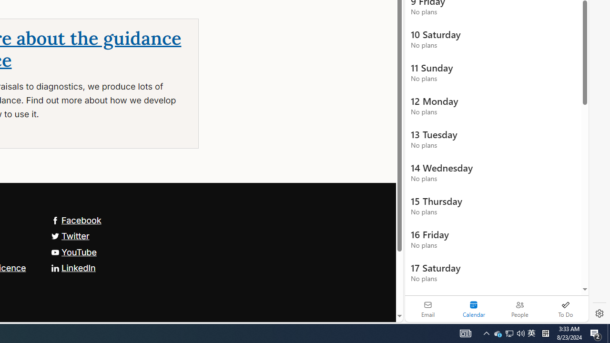 This screenshot has width=610, height=343. Describe the element at coordinates (599, 313) in the screenshot. I see `'Settings'` at that location.